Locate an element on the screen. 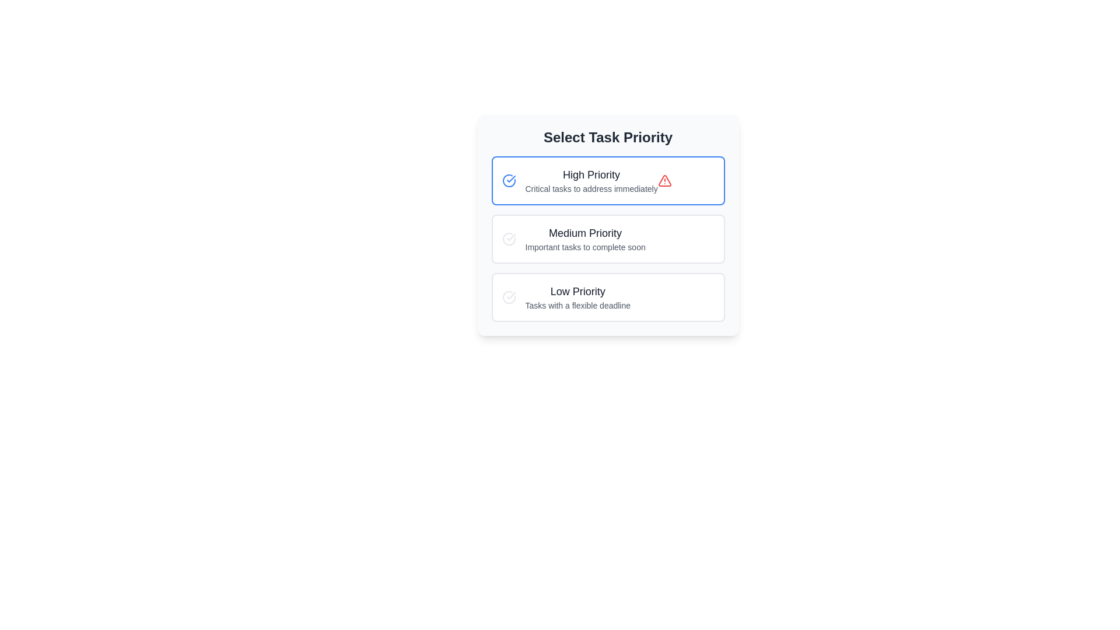 The width and height of the screenshot is (1120, 630). the static text element that indicates high-priority task category, positioned at the upper-left corner of the first selectable card in a list of three priority level cards is located at coordinates (591, 175).